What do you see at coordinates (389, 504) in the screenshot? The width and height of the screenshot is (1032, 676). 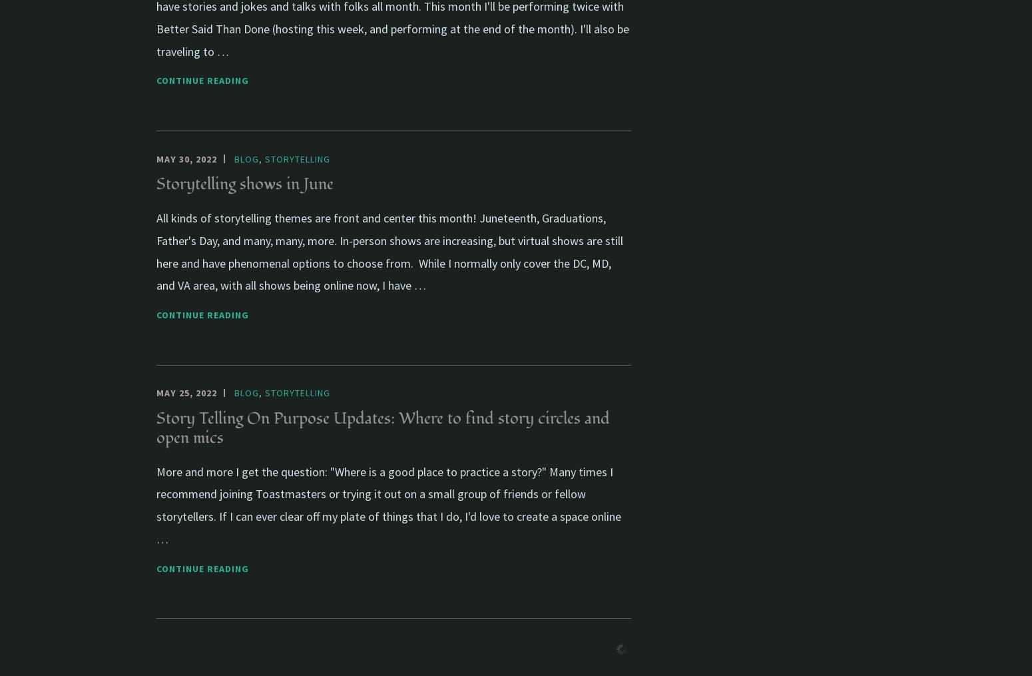 I see `'More and more I get the question: "Where is a good place to practice a story?" Many times I recommend joining Toastmasters or trying it out on a small group of friends or fellow storytellers. If I can ever clear off my plate of things that I do, I'd love to create a space online …'` at bounding box center [389, 504].